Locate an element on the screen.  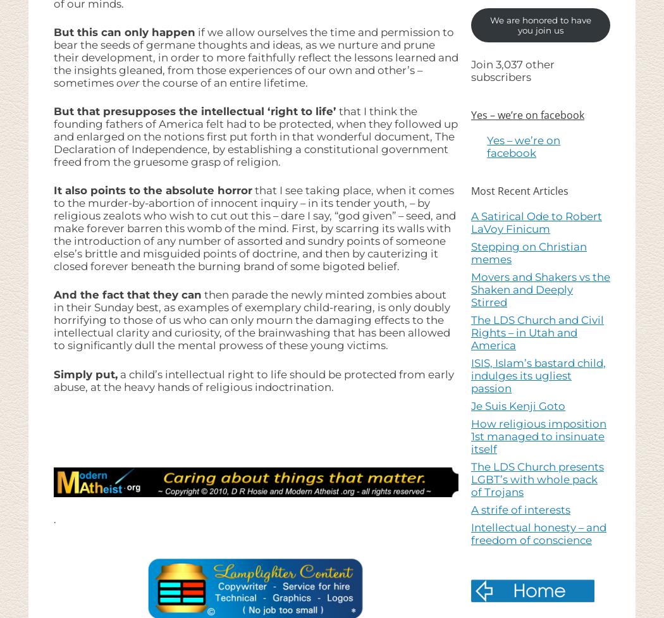
'Most Recent Articles' is located at coordinates (519, 190).